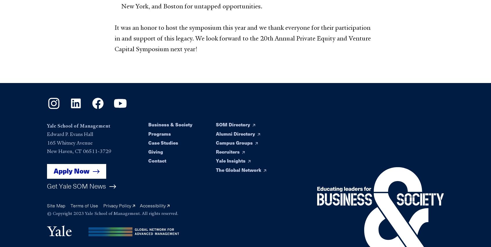 The height and width of the screenshot is (247, 491). I want to click on 'Privacy Policy', so click(117, 205).